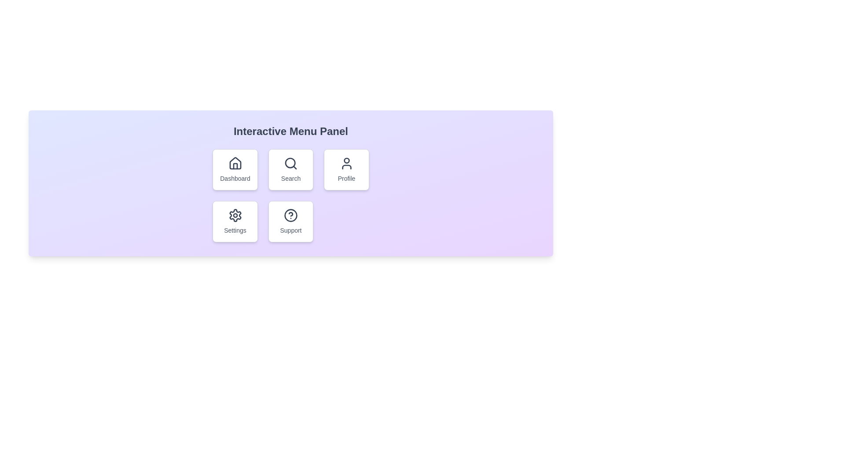 The width and height of the screenshot is (845, 475). Describe the element at coordinates (235, 215) in the screenshot. I see `the settings icon located in the lower-left area of the interface's options grid, which serves as a visual representation of the settings functionality` at that location.